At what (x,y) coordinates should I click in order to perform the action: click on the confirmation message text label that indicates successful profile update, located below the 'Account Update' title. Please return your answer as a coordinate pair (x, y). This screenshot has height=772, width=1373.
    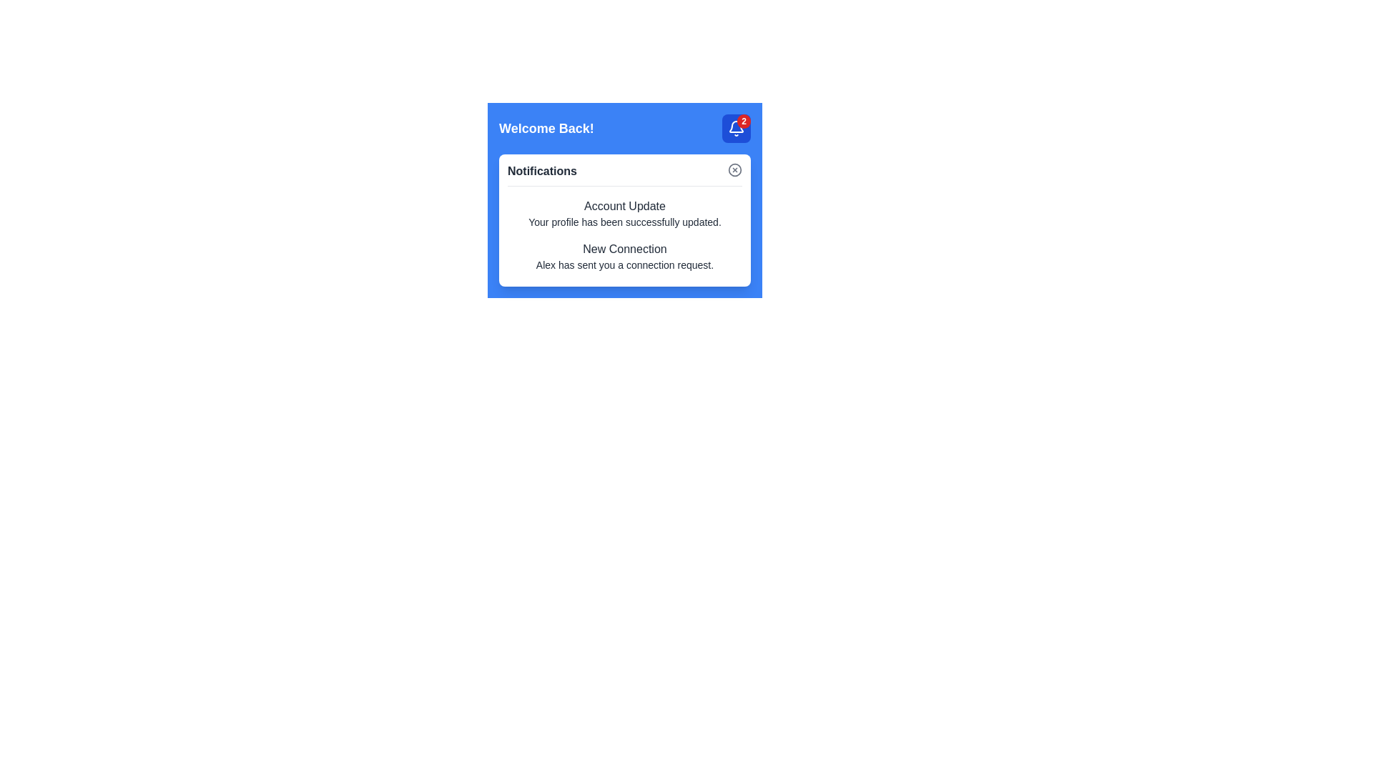
    Looking at the image, I should click on (624, 222).